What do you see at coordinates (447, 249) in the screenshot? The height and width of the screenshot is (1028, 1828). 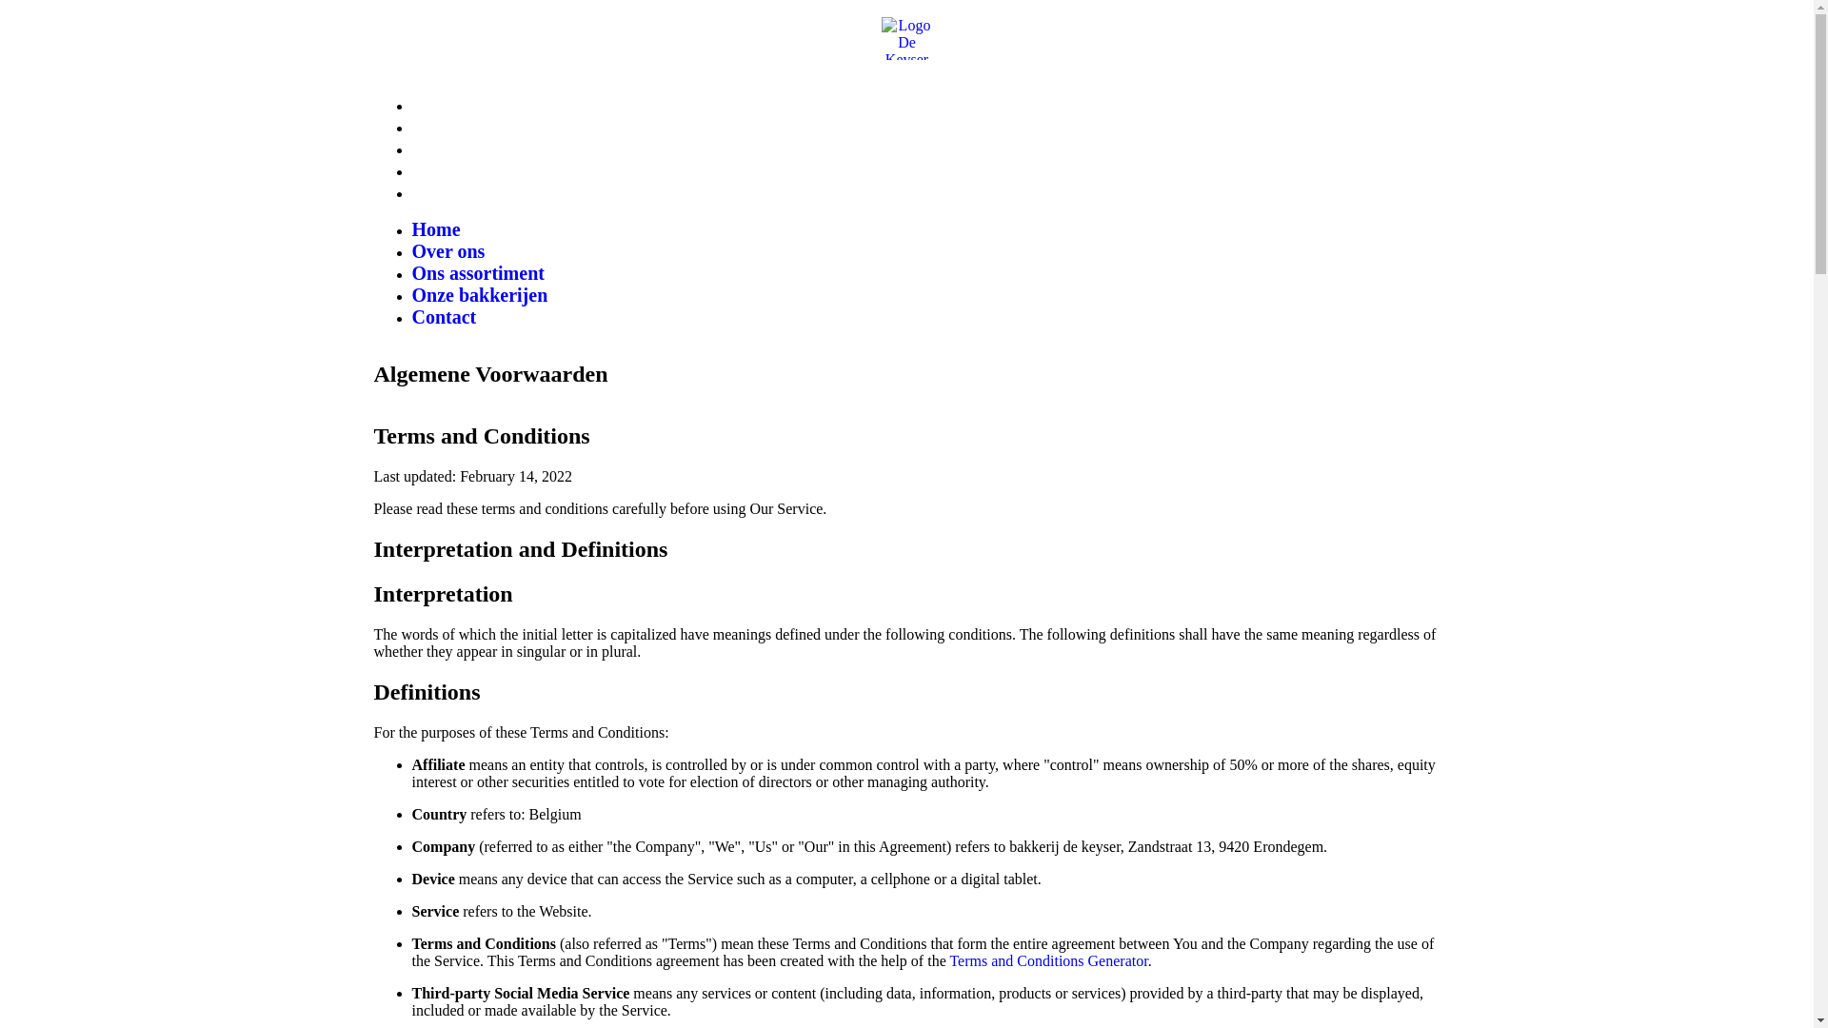 I see `'Over ons'` at bounding box center [447, 249].